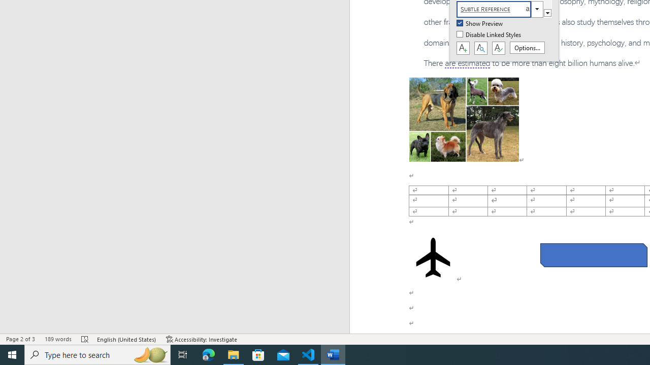 This screenshot has width=650, height=365. What do you see at coordinates (20, 339) in the screenshot?
I see `'Page Number Page 2 of 3'` at bounding box center [20, 339].